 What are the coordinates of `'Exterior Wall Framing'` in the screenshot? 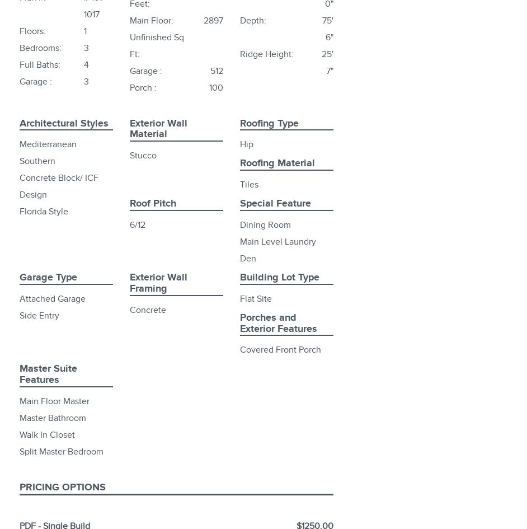 It's located at (158, 282).